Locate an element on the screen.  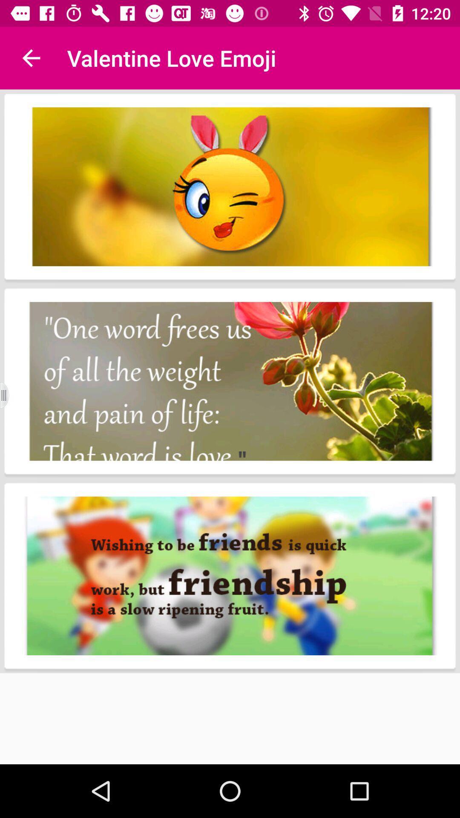
the item next to the valentine love emoji is located at coordinates (31, 58).